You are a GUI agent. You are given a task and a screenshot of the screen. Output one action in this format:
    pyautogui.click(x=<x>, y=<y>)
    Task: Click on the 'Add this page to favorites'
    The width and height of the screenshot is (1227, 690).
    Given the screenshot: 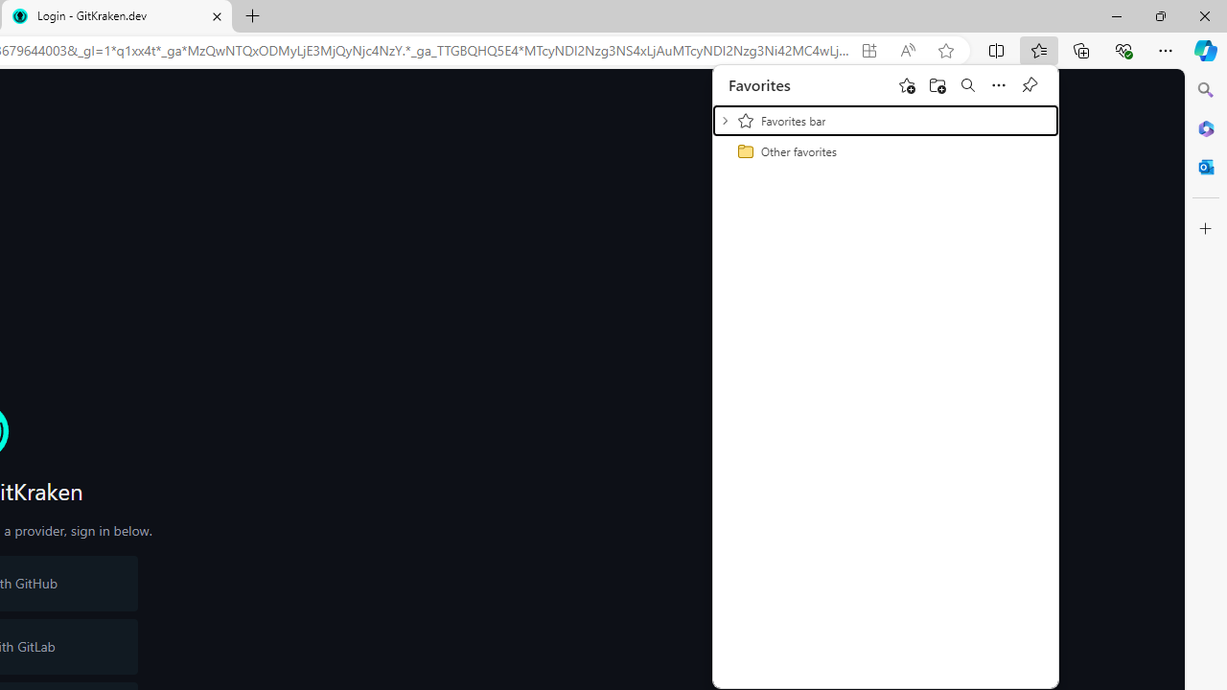 What is the action you would take?
    pyautogui.click(x=905, y=83)
    